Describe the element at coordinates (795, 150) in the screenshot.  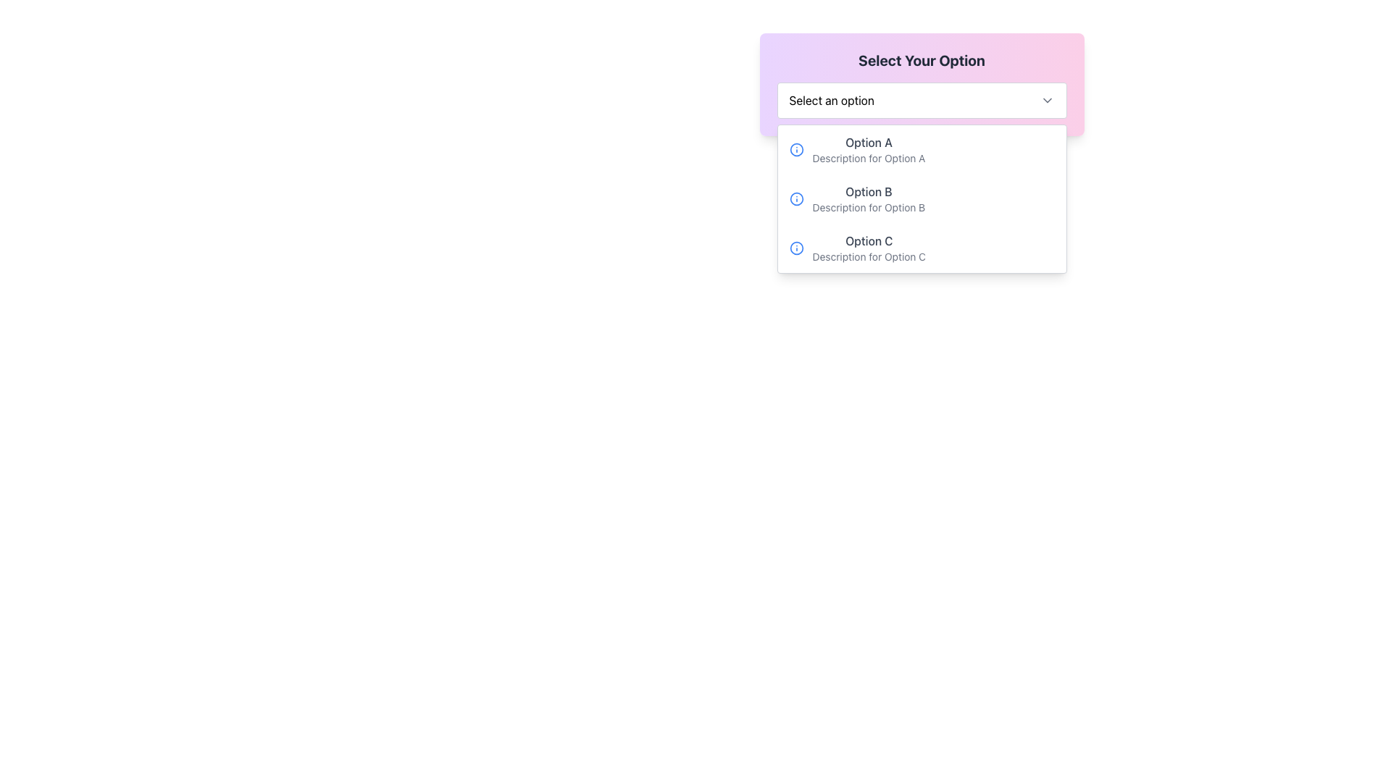
I see `the graphical icon that provides additional details about 'Option A', located to the left of the text 'Option A' in the dropdown list` at that location.